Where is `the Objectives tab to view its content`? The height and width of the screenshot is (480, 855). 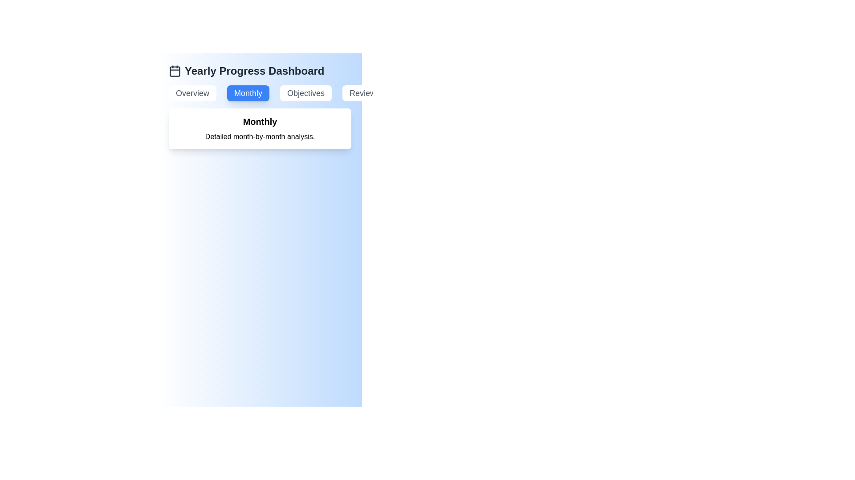
the Objectives tab to view its content is located at coordinates (305, 93).